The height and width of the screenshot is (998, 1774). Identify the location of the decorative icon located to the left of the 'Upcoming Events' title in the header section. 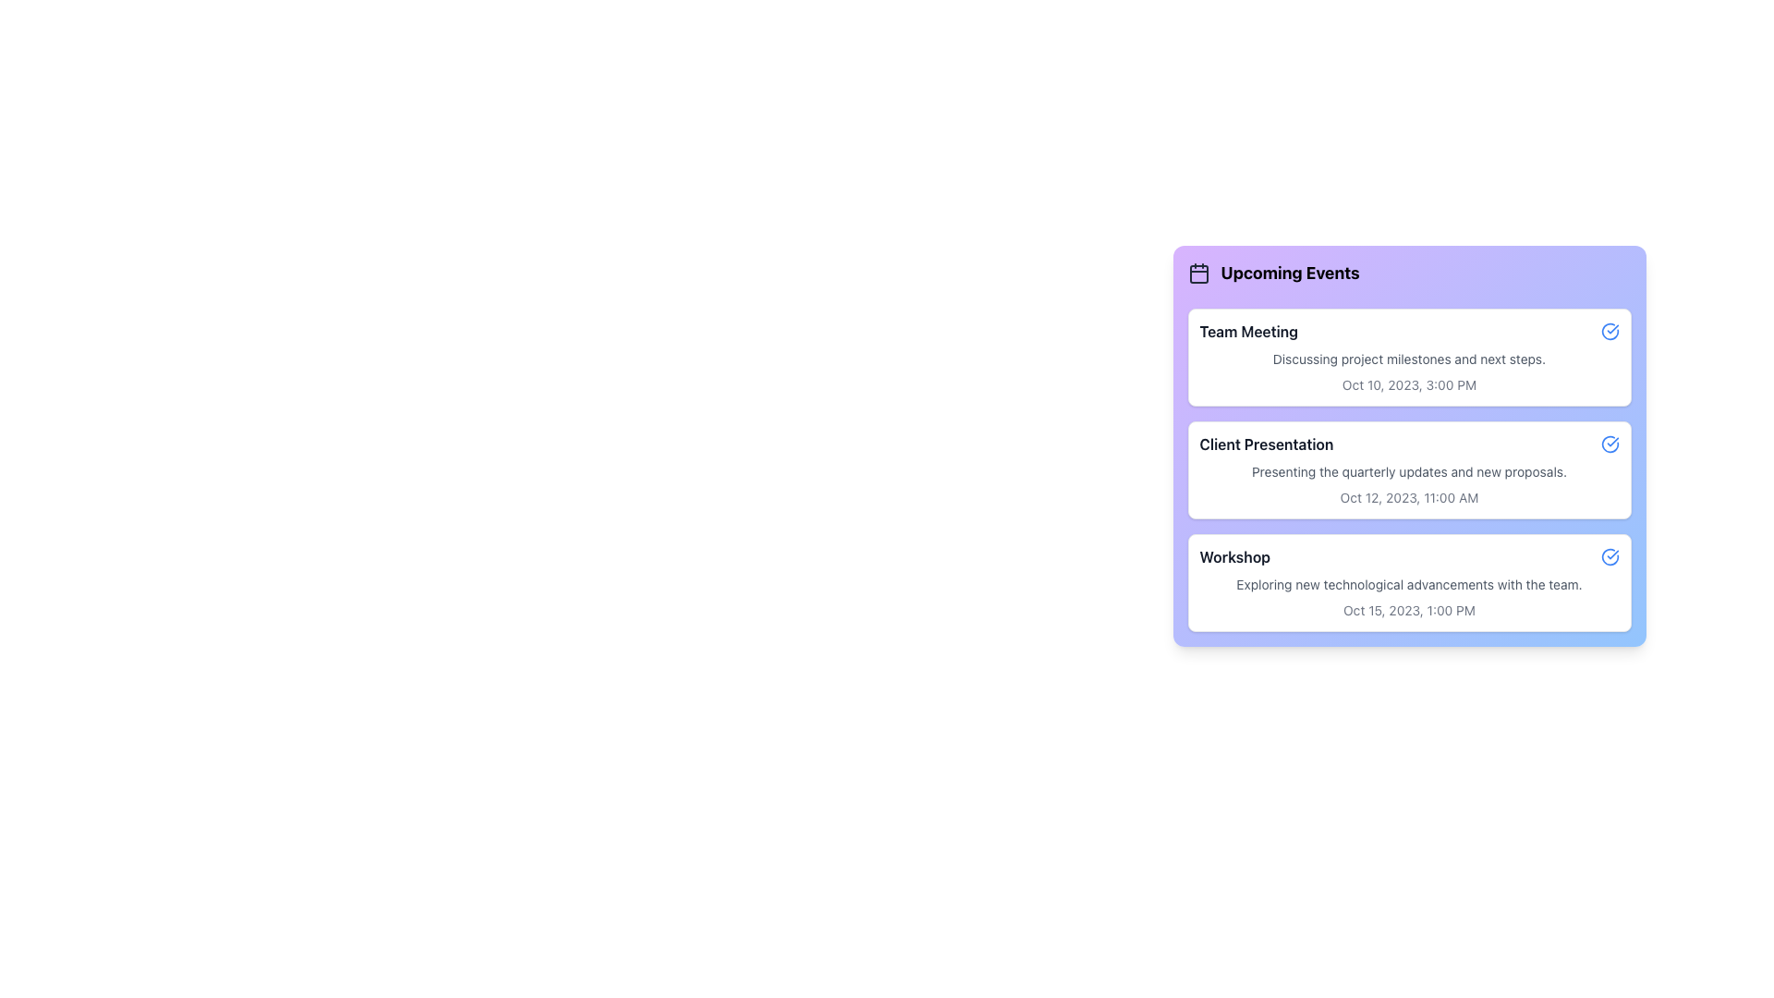
(1198, 274).